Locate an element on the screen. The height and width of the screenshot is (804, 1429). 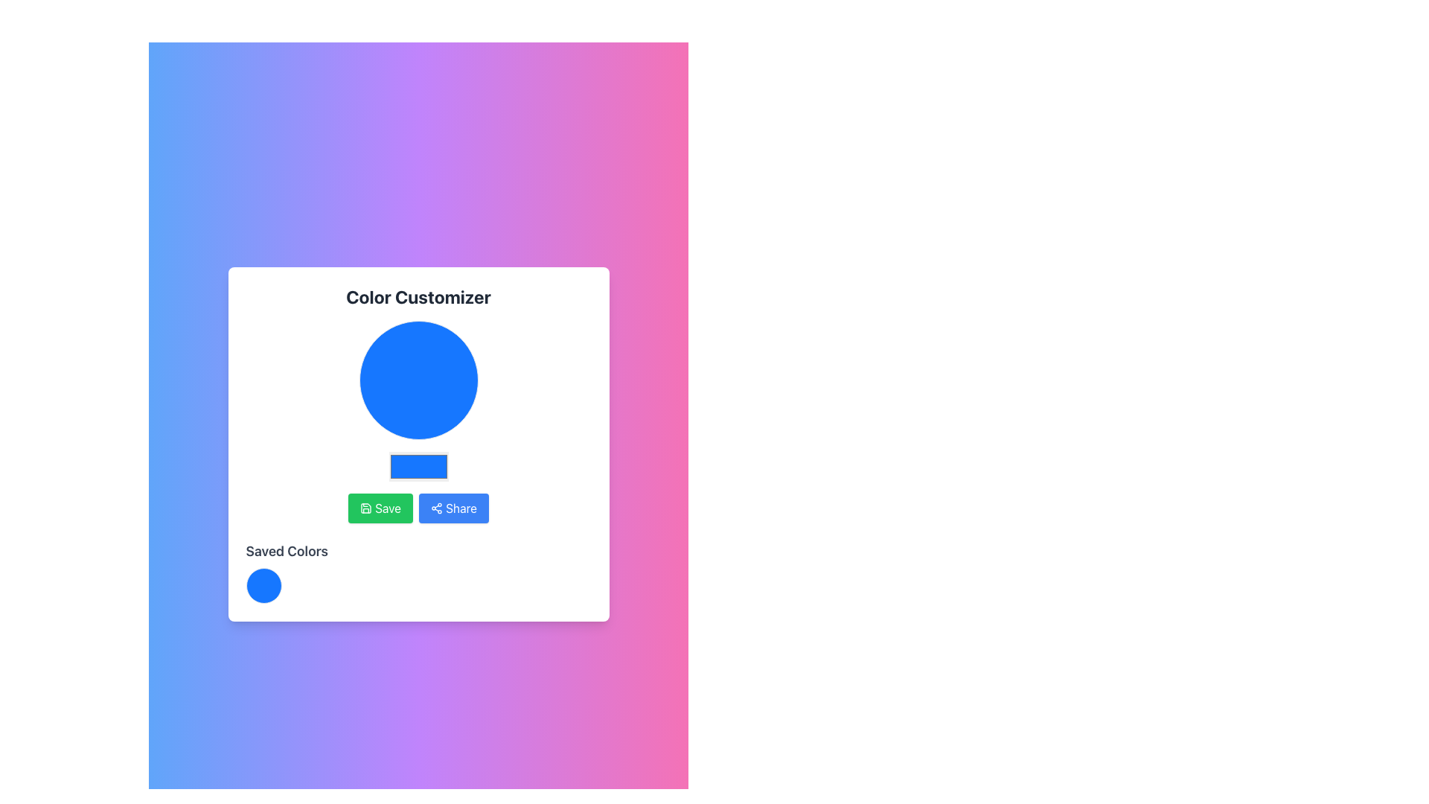
the green 'Save' button located in the Button group of the 'Color Customizer' section is located at coordinates (418, 507).